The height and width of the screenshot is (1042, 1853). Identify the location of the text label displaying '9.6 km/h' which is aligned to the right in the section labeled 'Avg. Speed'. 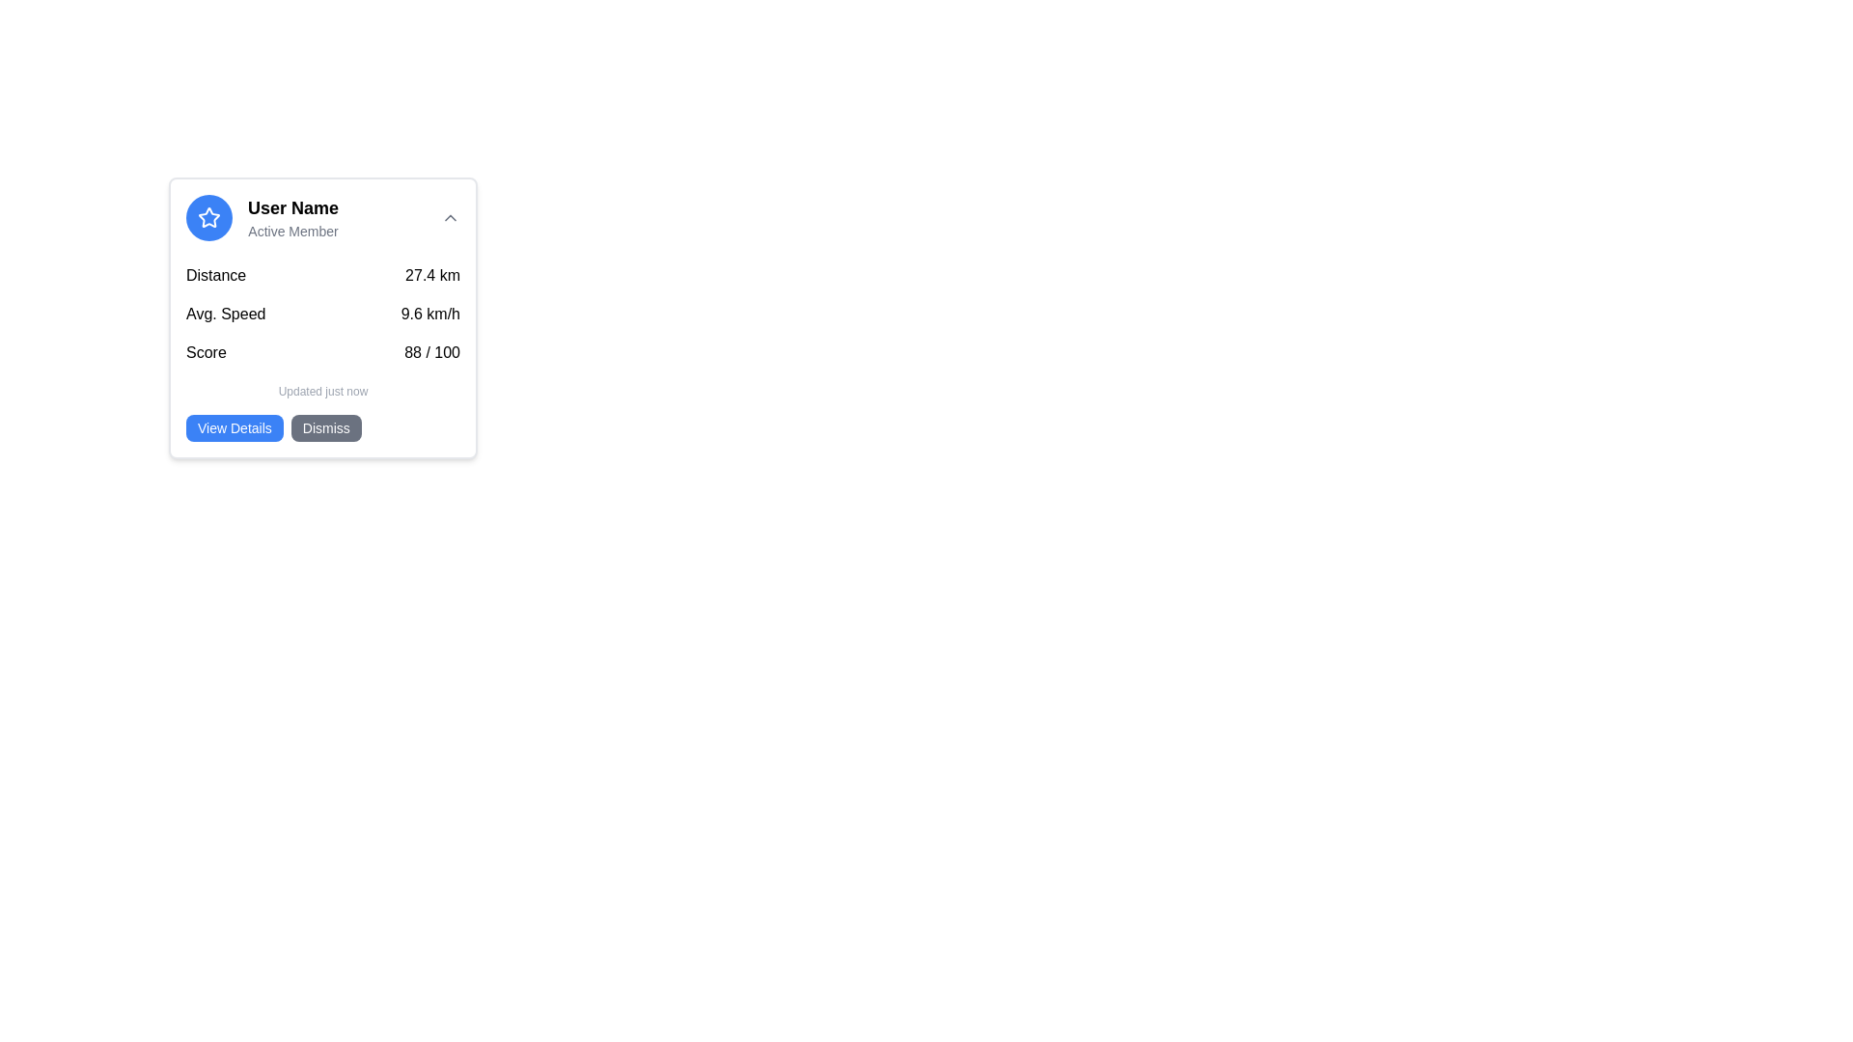
(429, 314).